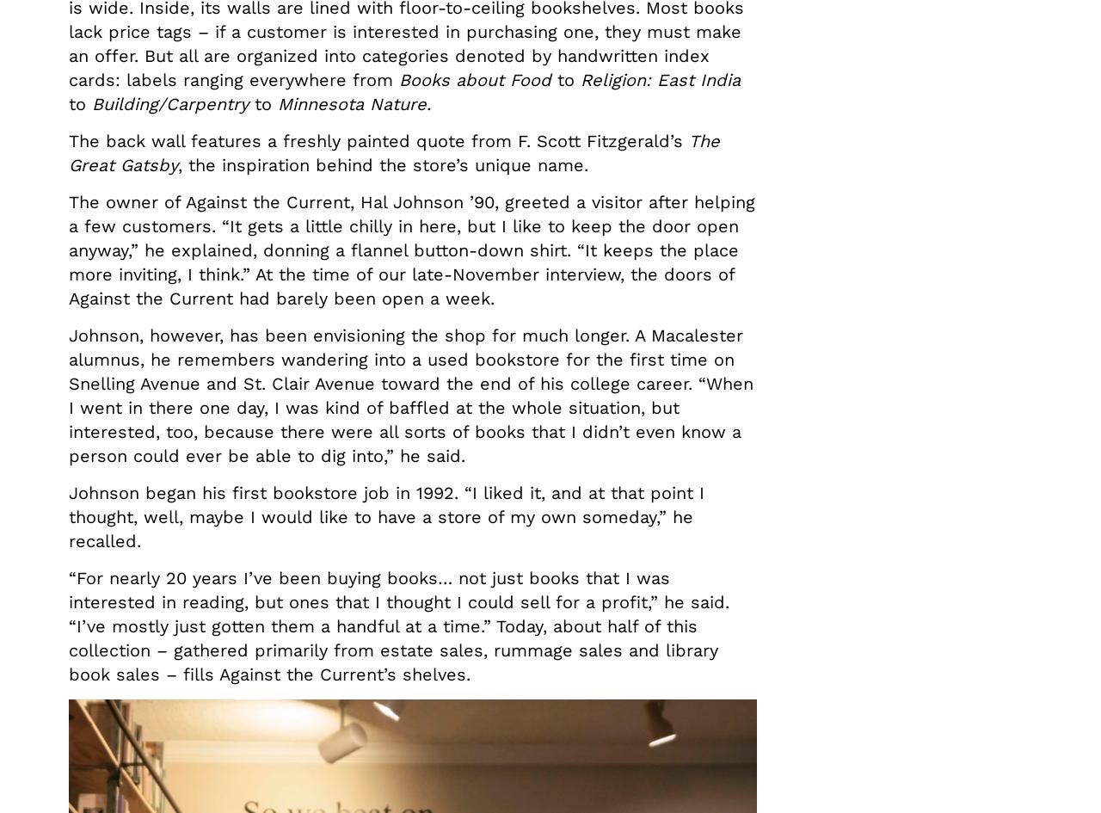  Describe the element at coordinates (378, 140) in the screenshot. I see `'The back wall features a freshly painted quote from F. Scott Fitzgerald’s'` at that location.